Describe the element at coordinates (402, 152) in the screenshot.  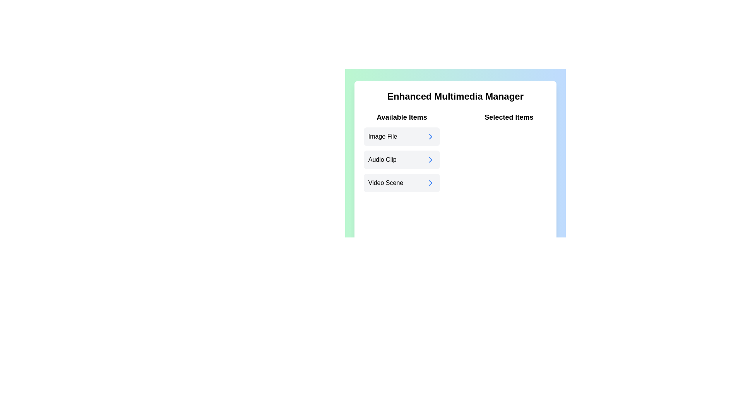
I see `the second item in the 'Available Items' list` at that location.